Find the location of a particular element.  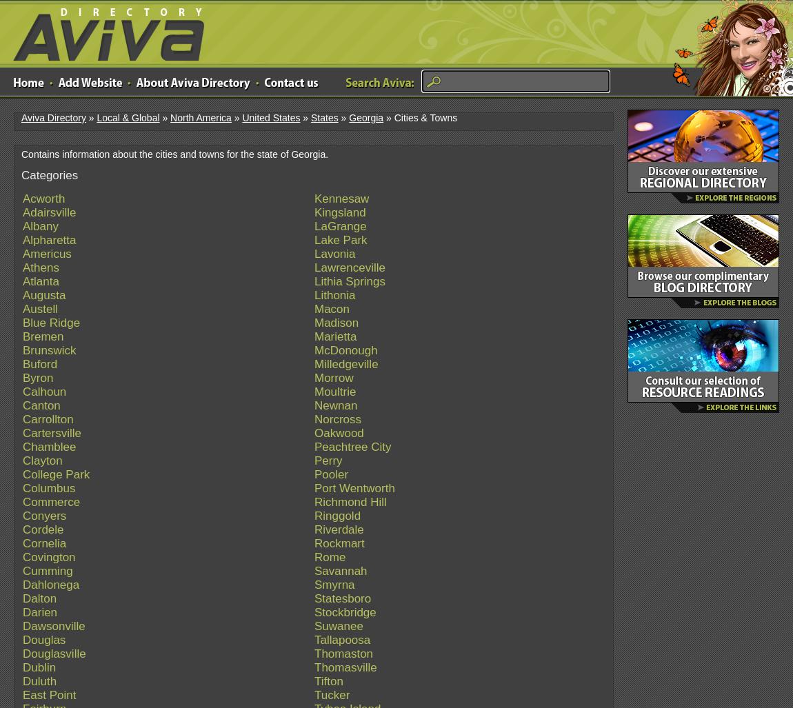

'Cordele' is located at coordinates (42, 529).